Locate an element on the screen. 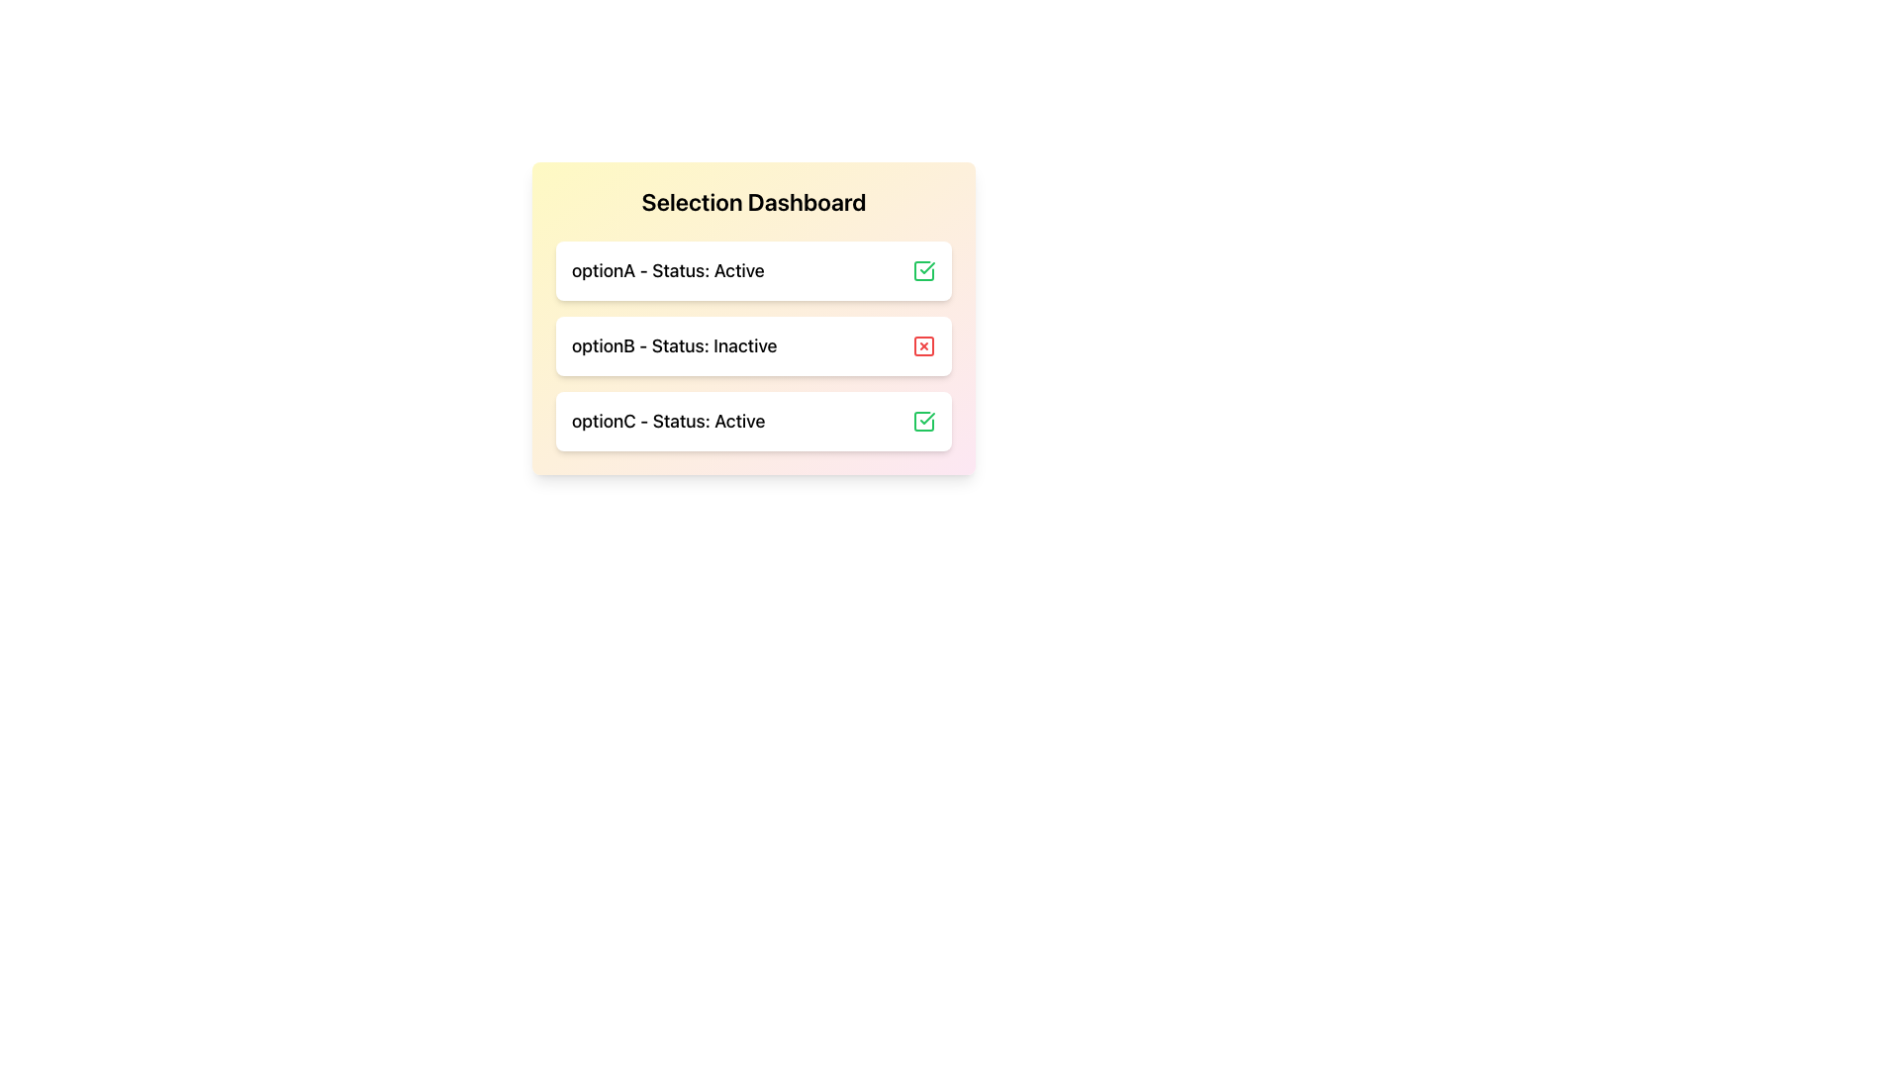 The width and height of the screenshot is (1900, 1069). the square icon with a red border and red 'X' symbol inside, located in the card titled 'optionB - Status: Inactive' within the 'Selection Dashboard' panel is located at coordinates (923, 345).